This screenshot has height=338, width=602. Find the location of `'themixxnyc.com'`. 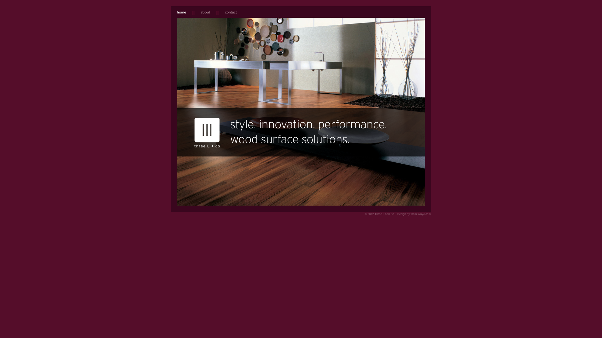

'themixxnyc.com' is located at coordinates (420, 213).